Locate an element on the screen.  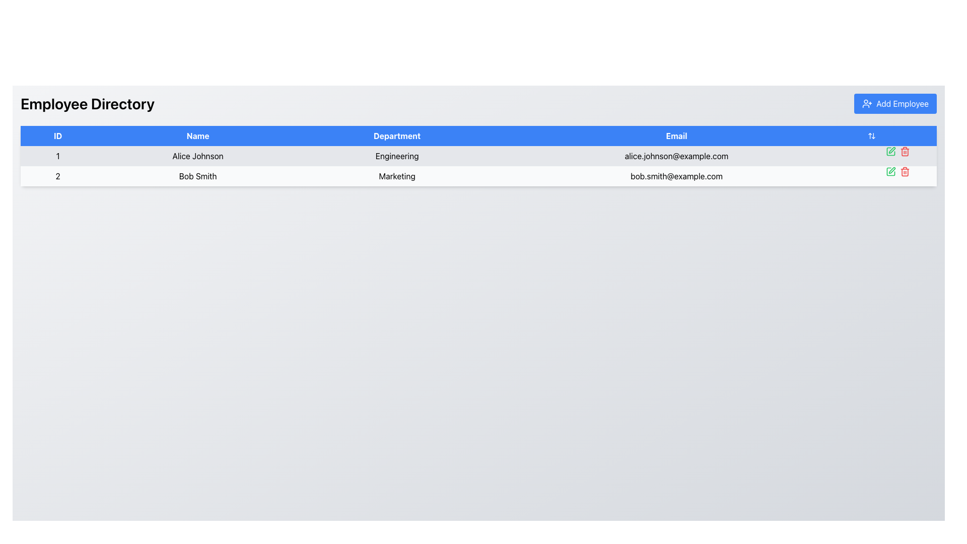
the delete icon located on the rightmost side of the second row in the table is located at coordinates (905, 171).